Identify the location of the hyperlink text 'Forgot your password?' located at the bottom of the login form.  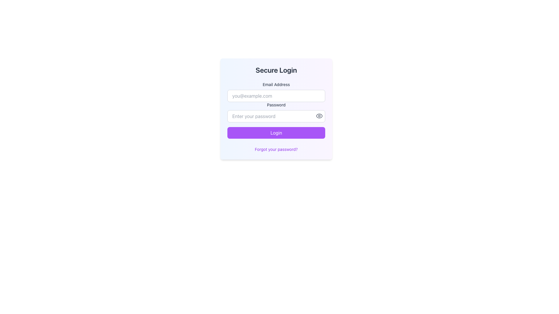
(276, 149).